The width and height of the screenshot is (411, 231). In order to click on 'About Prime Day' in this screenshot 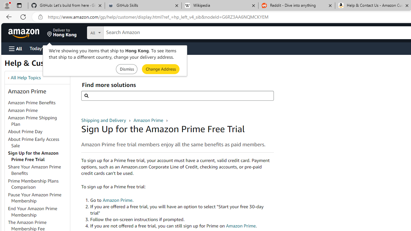, I will do `click(25, 131)`.